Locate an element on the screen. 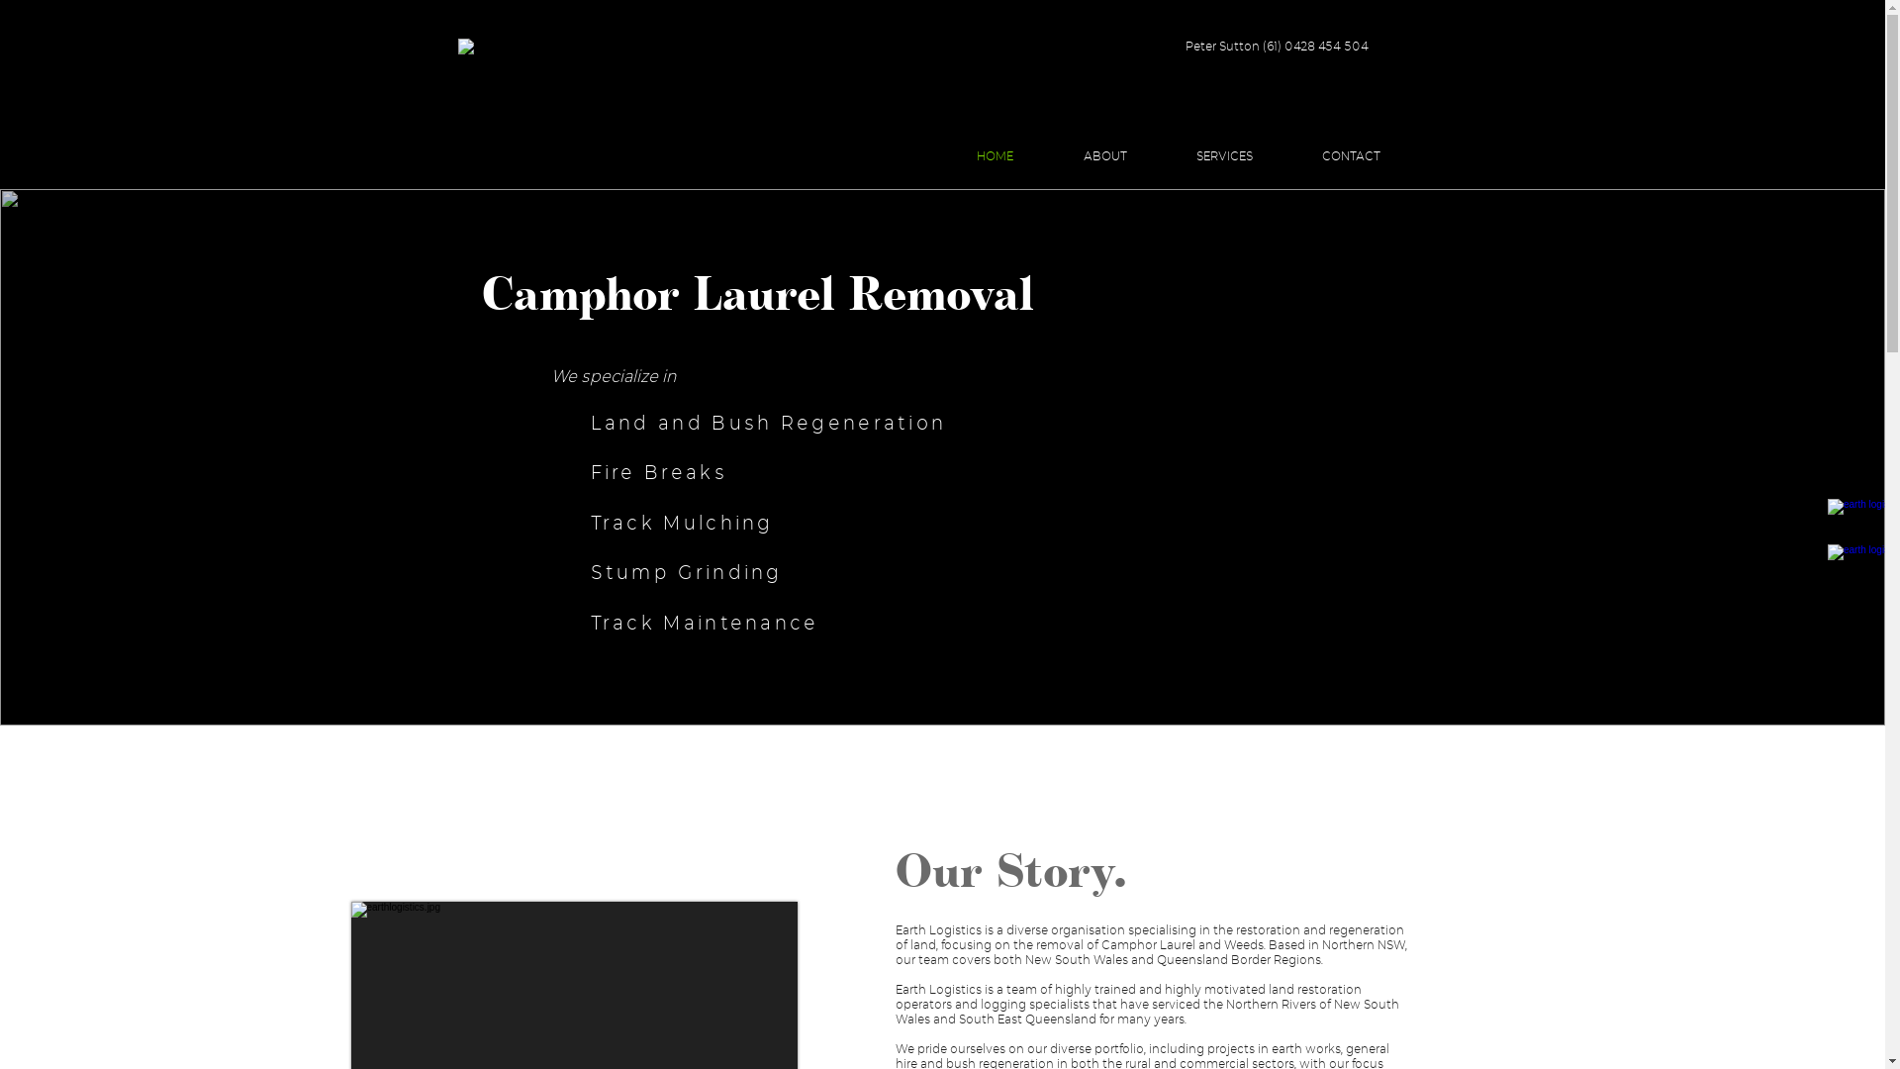  'HOME' is located at coordinates (996, 155).